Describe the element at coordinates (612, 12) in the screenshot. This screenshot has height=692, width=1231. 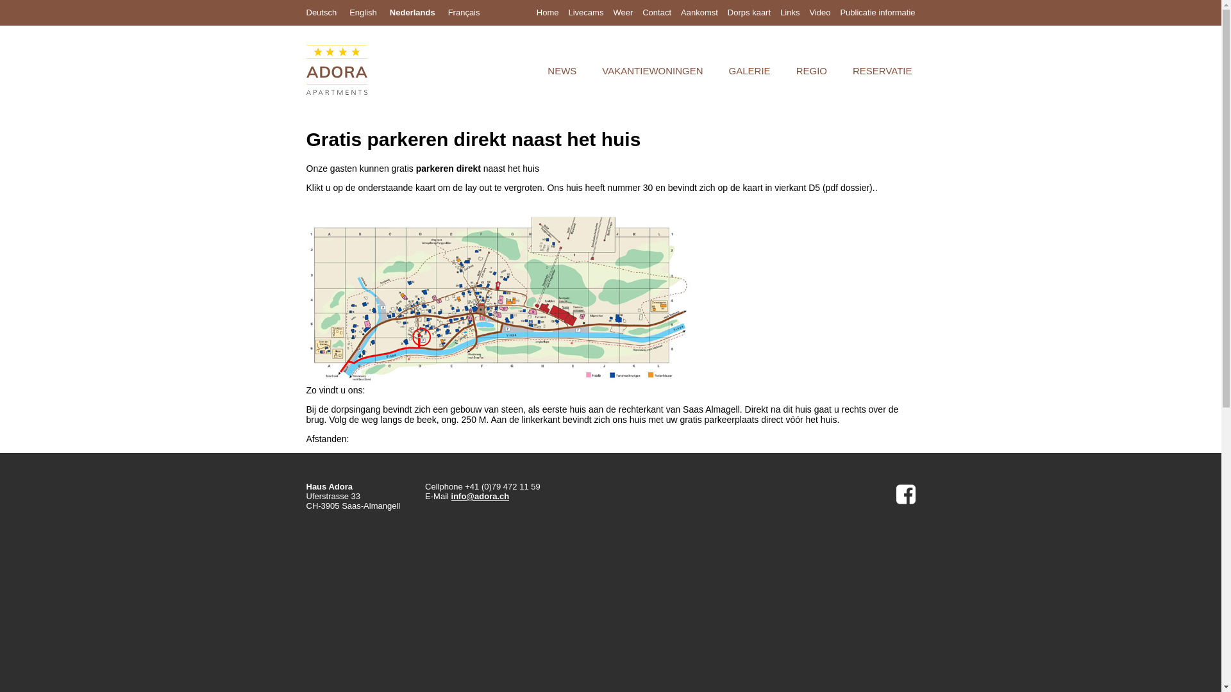
I see `'Weer'` at that location.